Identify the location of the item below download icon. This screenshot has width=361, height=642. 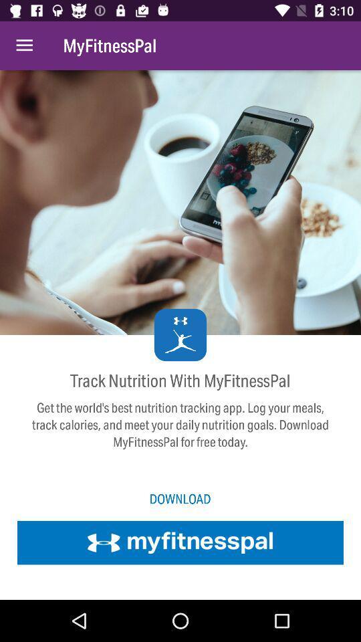
(180, 542).